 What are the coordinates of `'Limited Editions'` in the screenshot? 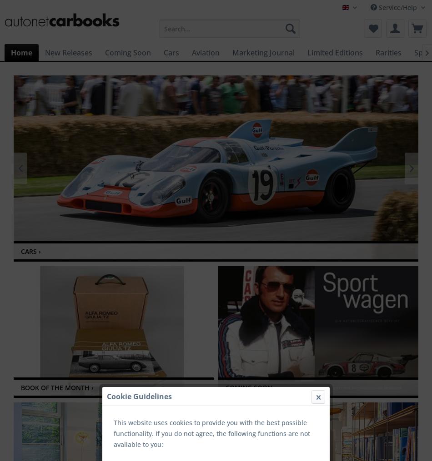 It's located at (335, 52).